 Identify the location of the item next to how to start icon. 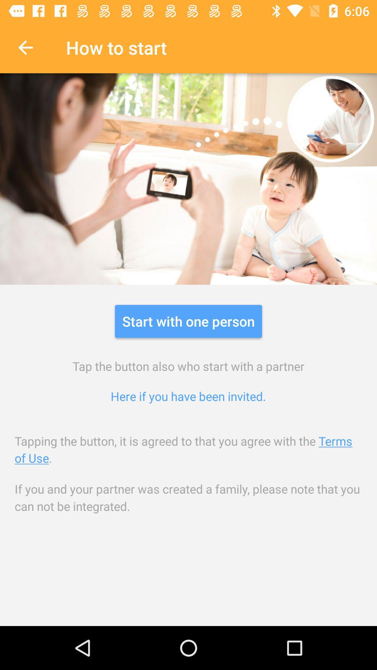
(25, 47).